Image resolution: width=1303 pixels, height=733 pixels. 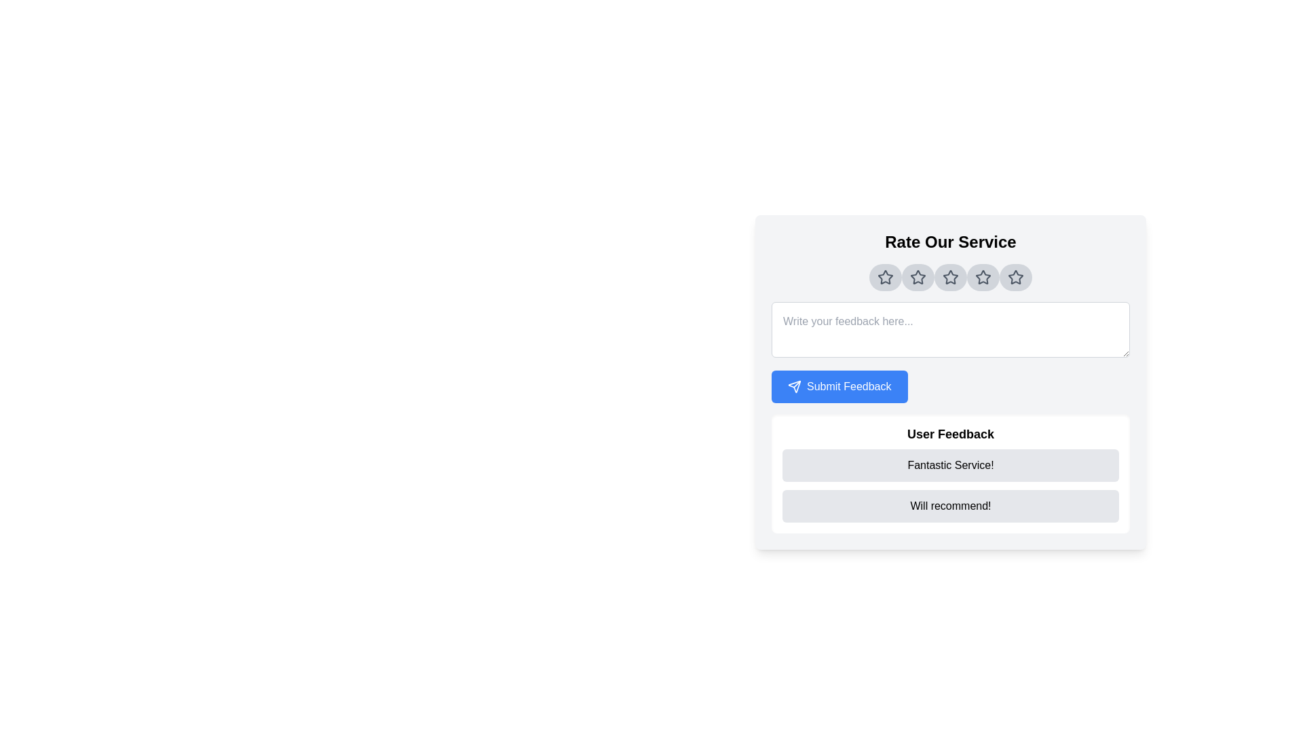 What do you see at coordinates (950, 276) in the screenshot?
I see `the third star rating button in the 5-star rating system` at bounding box center [950, 276].